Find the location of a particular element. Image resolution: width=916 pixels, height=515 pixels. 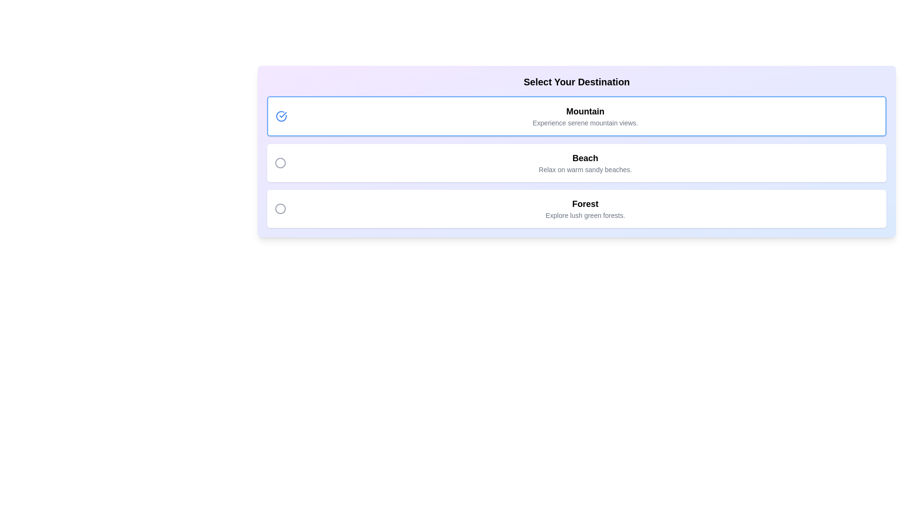

the selectable option titled 'Beach' to read the description and learn more about the Beach destination is located at coordinates (576, 163).